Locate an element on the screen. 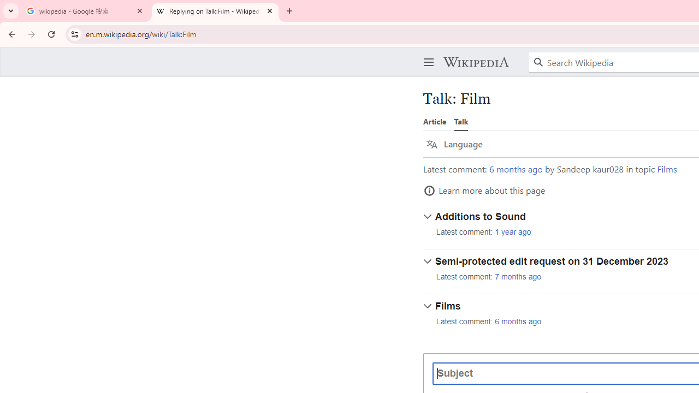 Image resolution: width=699 pixels, height=393 pixels. 'Films' is located at coordinates (666, 169).